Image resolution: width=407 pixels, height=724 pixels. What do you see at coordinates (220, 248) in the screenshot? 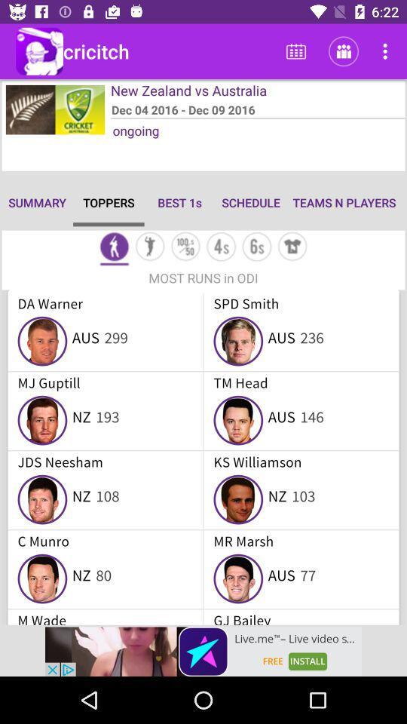
I see `the font icon` at bounding box center [220, 248].